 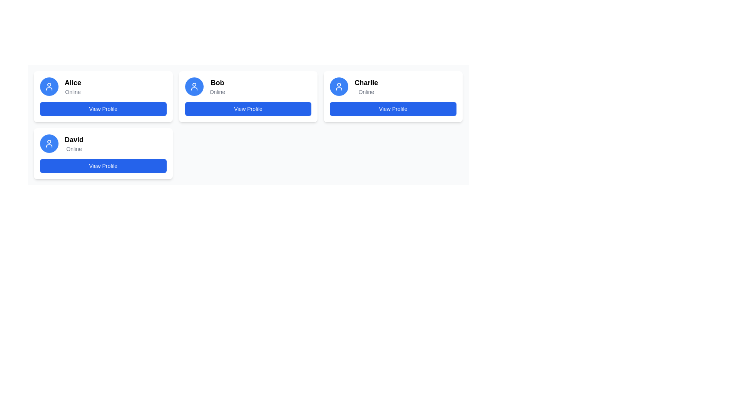 What do you see at coordinates (366, 92) in the screenshot?
I see `the static text label that displays the word 'Online', which is styled in gray and located below the name 'Charlie'` at bounding box center [366, 92].